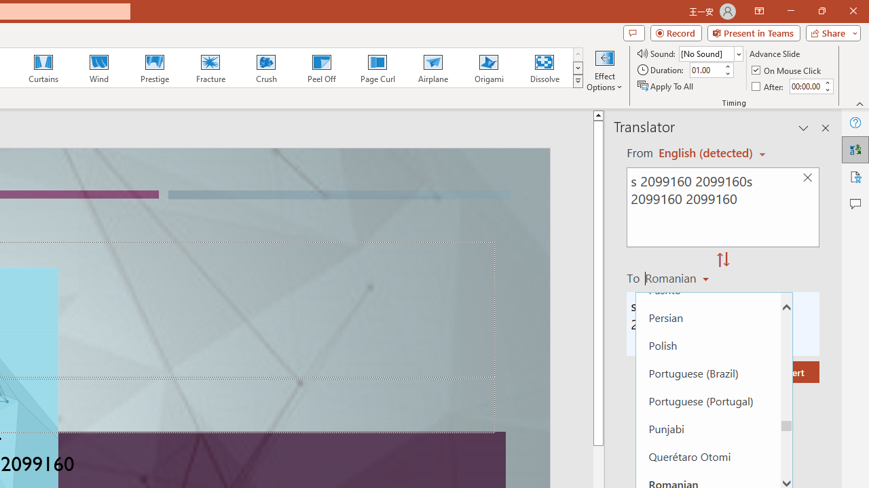 This screenshot has height=488, width=869. Describe the element at coordinates (432, 68) in the screenshot. I see `'Airplane'` at that location.